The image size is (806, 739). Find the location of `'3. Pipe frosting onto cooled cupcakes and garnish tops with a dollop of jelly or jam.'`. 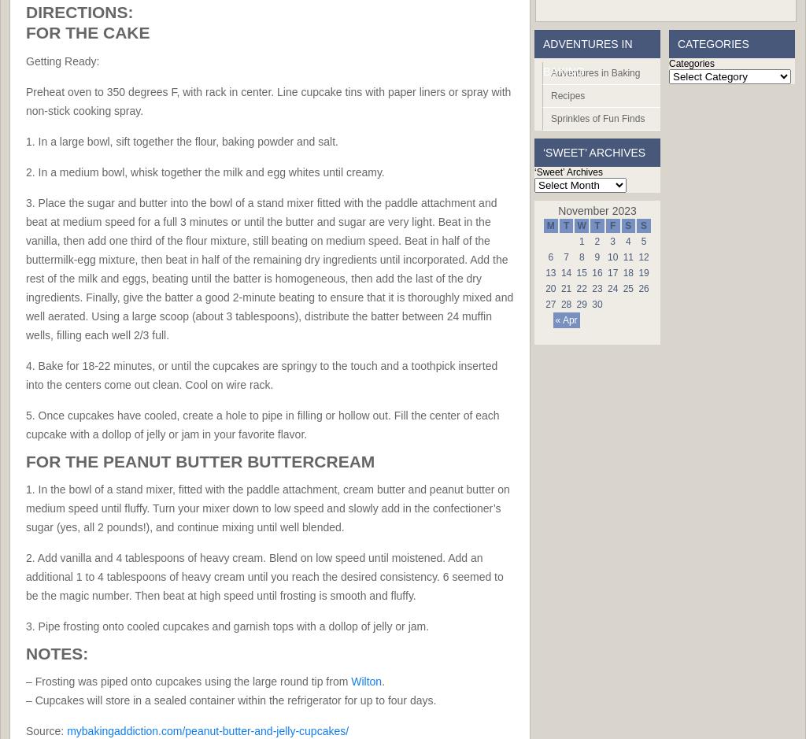

'3. Pipe frosting onto cooled cupcakes and garnish tops with a dollop of jelly or jam.' is located at coordinates (227, 624).